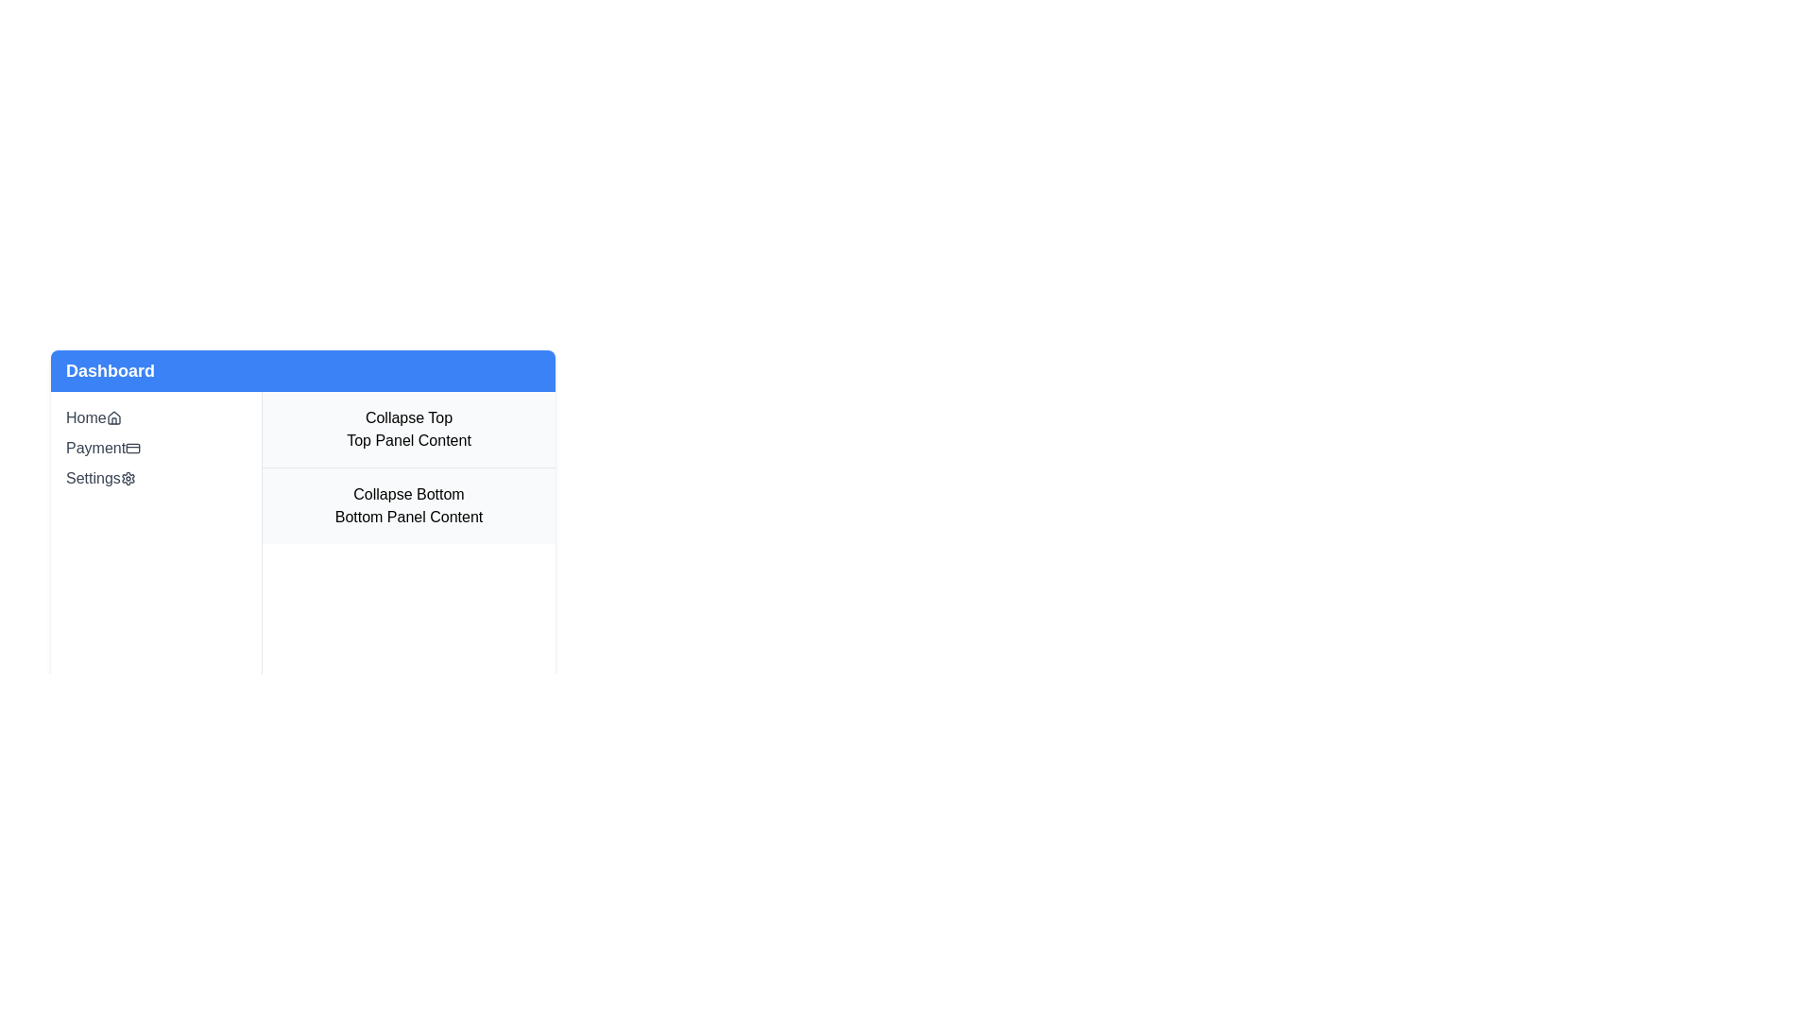  I want to click on the 'Collapse Top' text in the Collapsible panel header, so click(407, 430).